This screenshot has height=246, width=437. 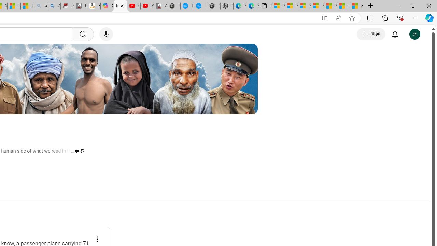 What do you see at coordinates (324, 18) in the screenshot?
I see `'App available. Install YouTube'` at bounding box center [324, 18].